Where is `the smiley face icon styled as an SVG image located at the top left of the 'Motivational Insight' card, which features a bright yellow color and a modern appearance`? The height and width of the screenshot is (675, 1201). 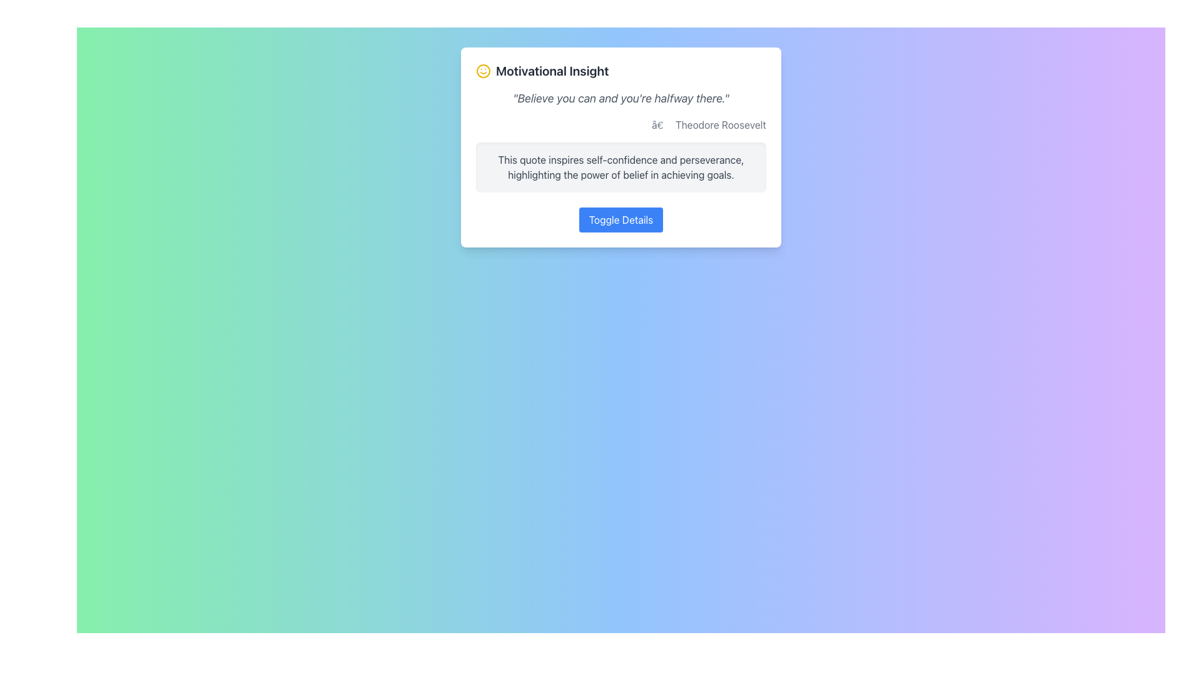 the smiley face icon styled as an SVG image located at the top left of the 'Motivational Insight' card, which features a bright yellow color and a modern appearance is located at coordinates (482, 71).